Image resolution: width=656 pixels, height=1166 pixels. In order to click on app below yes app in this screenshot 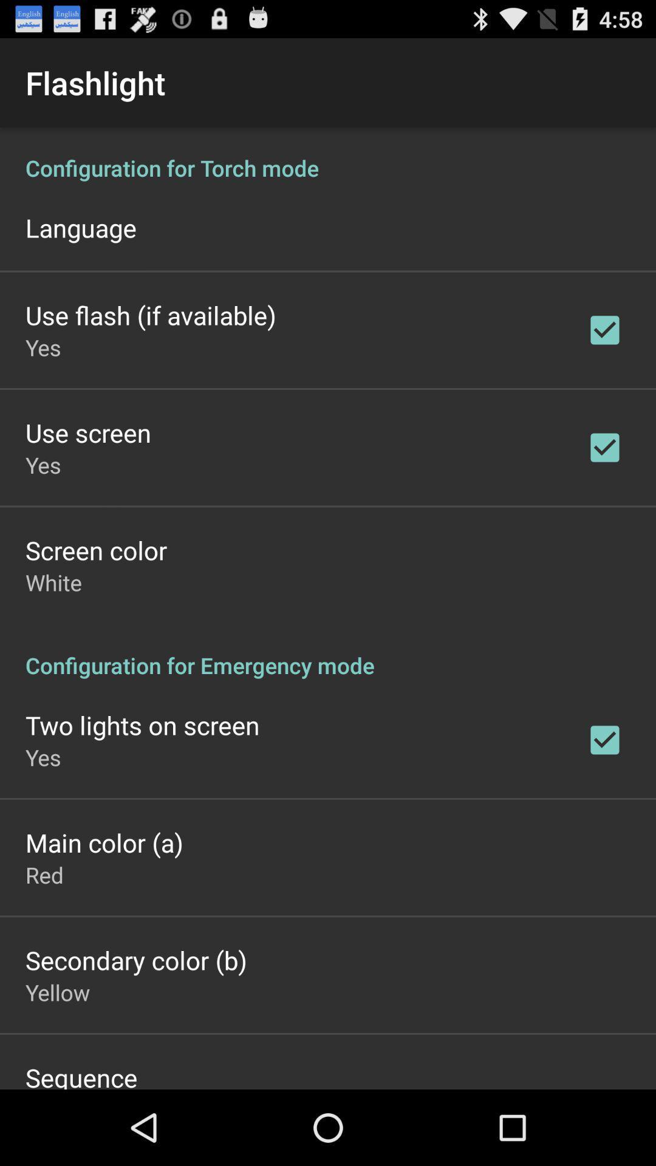, I will do `click(103, 842)`.